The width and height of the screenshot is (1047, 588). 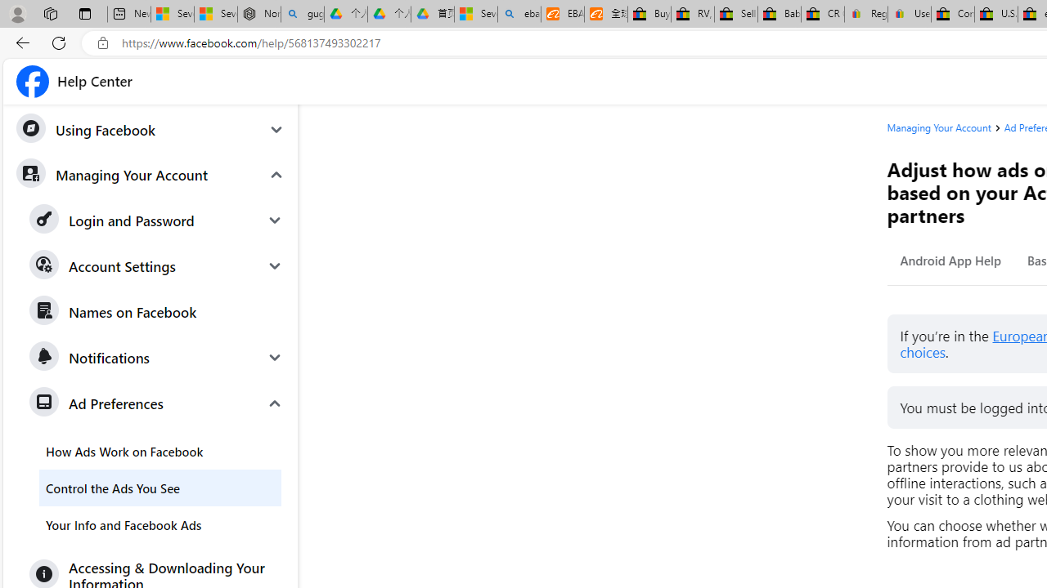 What do you see at coordinates (160, 451) in the screenshot?
I see `'How Ads Work on Facebook'` at bounding box center [160, 451].